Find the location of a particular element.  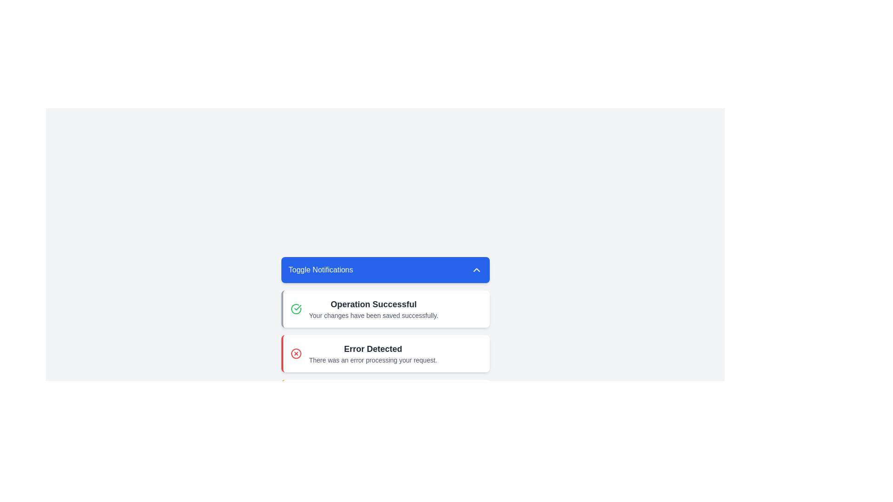

the text line that states 'There was an error processing your request.' which is located below the header 'Error Detected' in a notification card is located at coordinates (373, 360).